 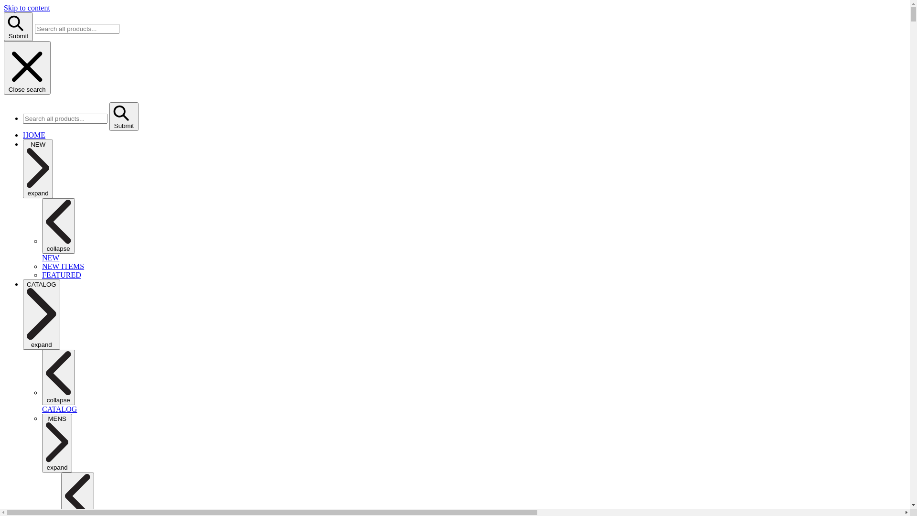 I want to click on 'NEW ITEMS', so click(x=62, y=266).